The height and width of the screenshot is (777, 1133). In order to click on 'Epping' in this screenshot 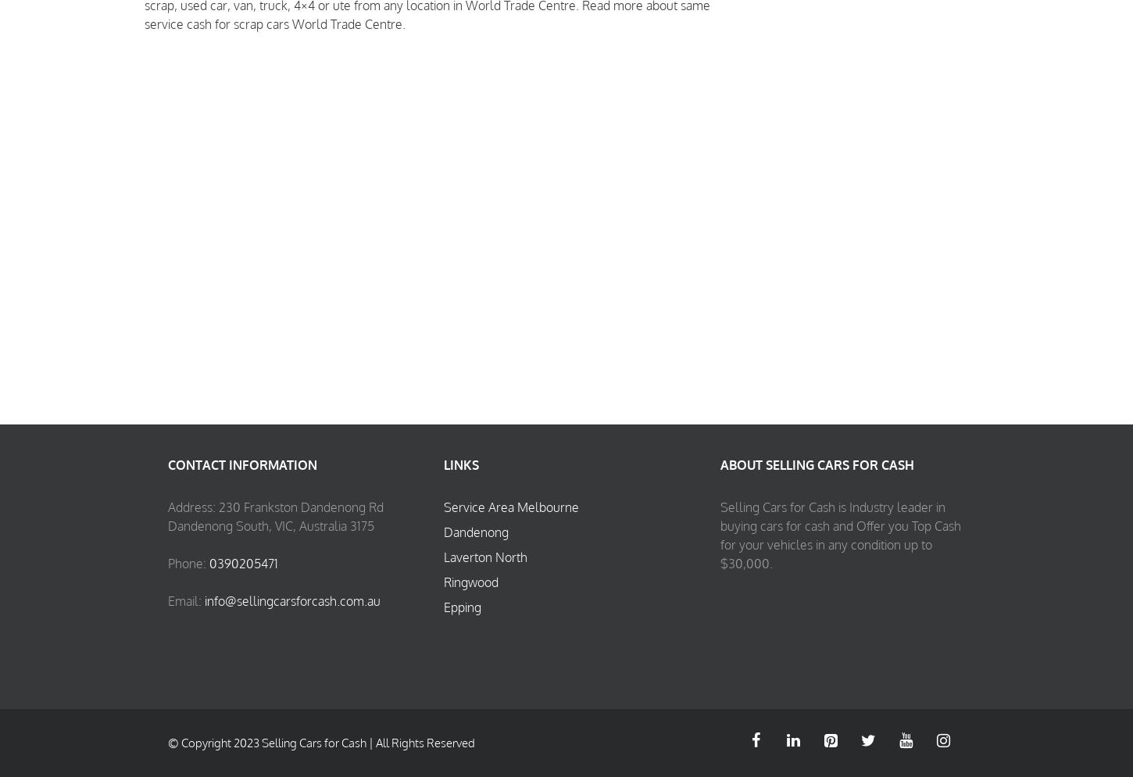, I will do `click(443, 607)`.